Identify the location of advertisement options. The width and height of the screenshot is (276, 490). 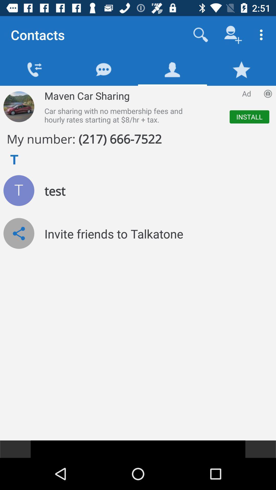
(268, 94).